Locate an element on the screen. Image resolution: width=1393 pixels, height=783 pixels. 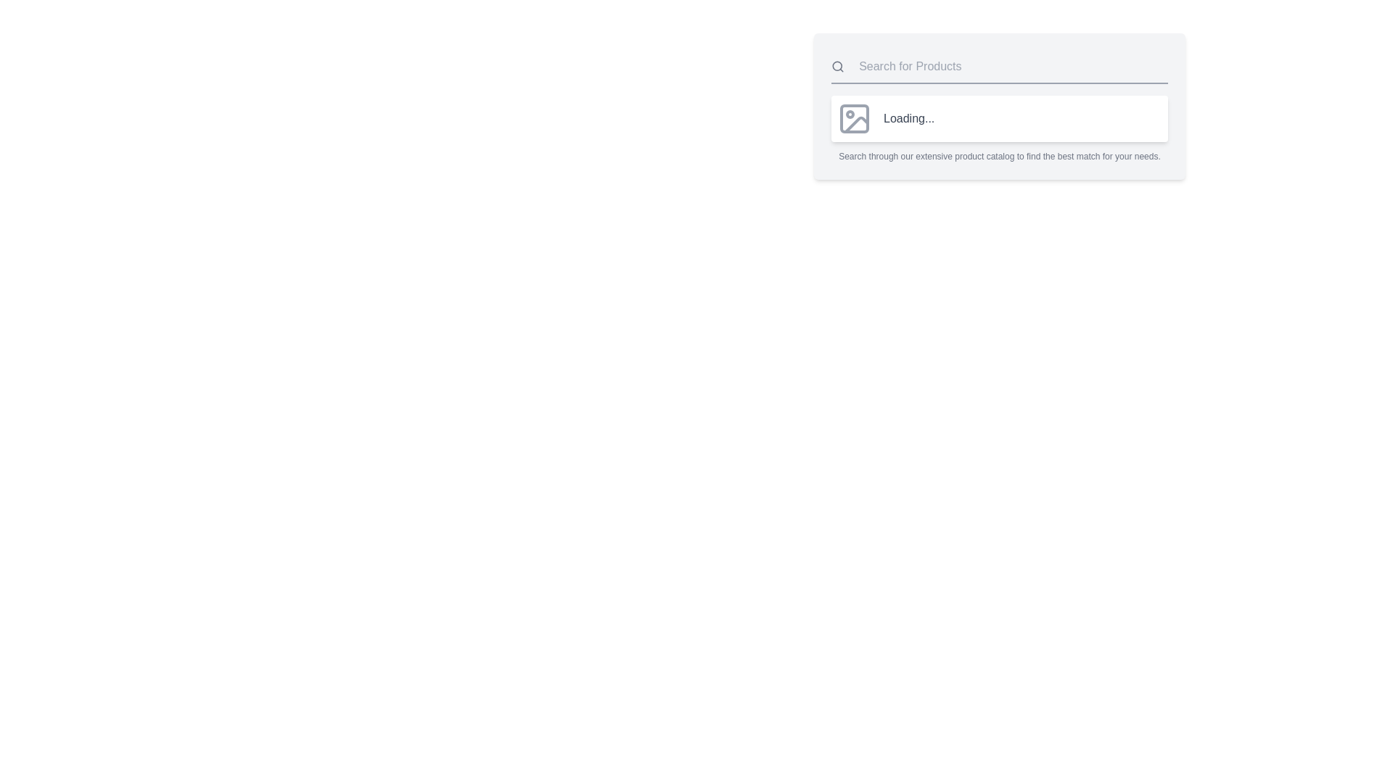
the small gray magnifying glass icon located near the upper left corner of the search bar is located at coordinates (838, 67).